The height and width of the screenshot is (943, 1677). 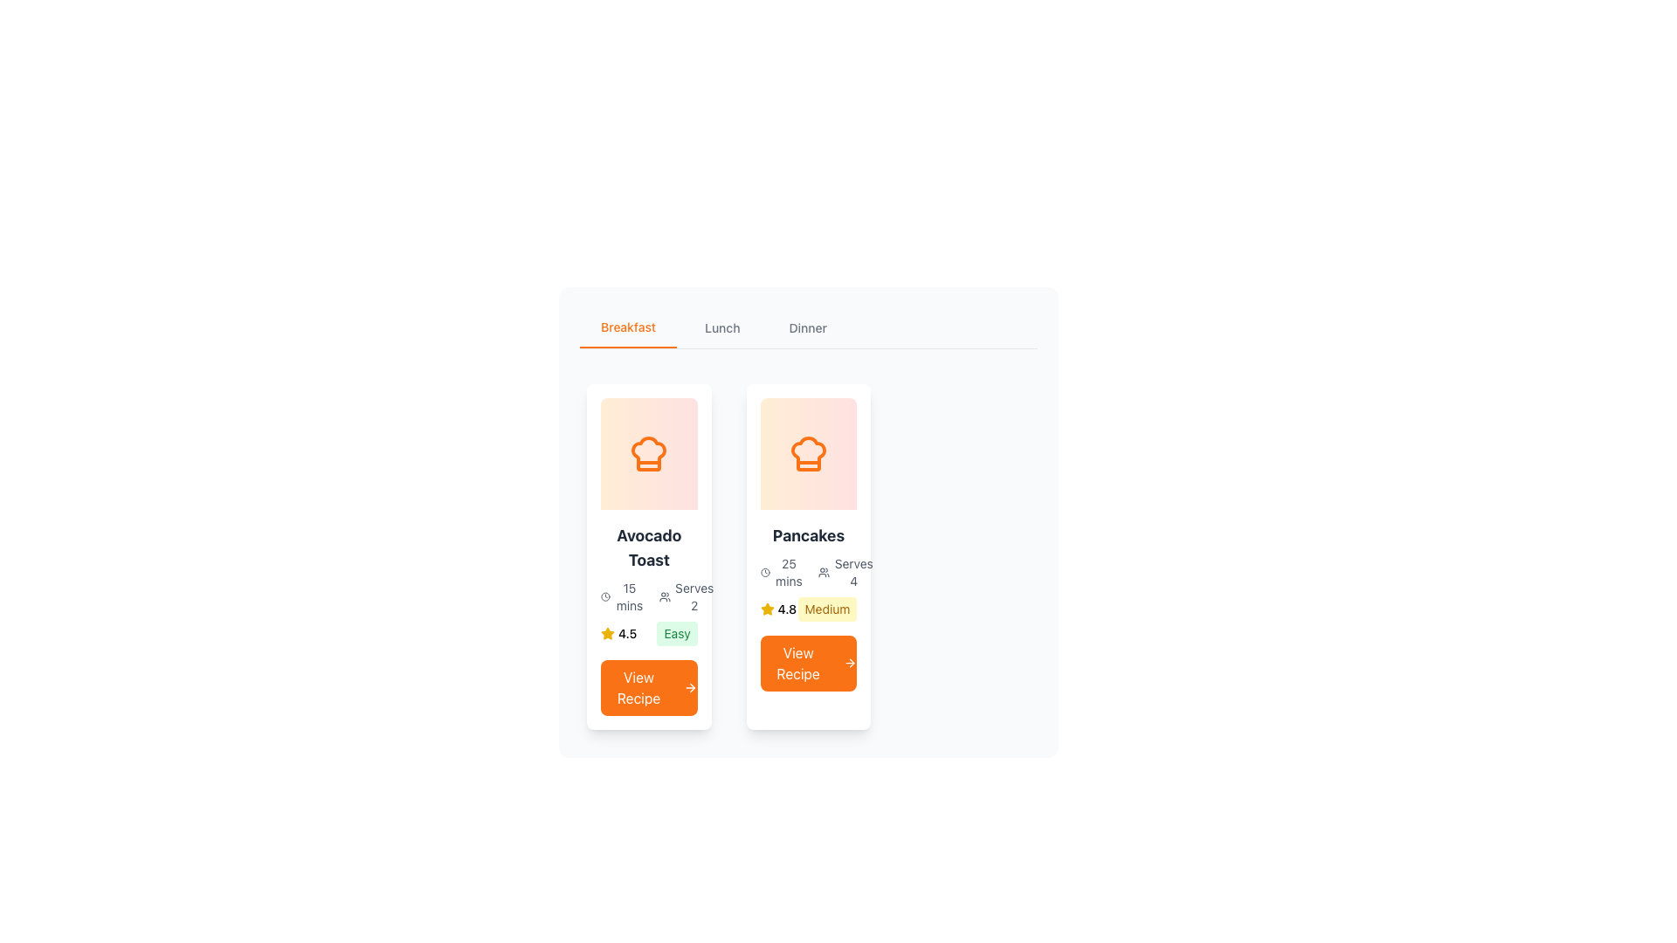 What do you see at coordinates (823, 572) in the screenshot?
I see `the servings icon located to the left of the 'Serves 4' text, which visually represents the servings concept` at bounding box center [823, 572].